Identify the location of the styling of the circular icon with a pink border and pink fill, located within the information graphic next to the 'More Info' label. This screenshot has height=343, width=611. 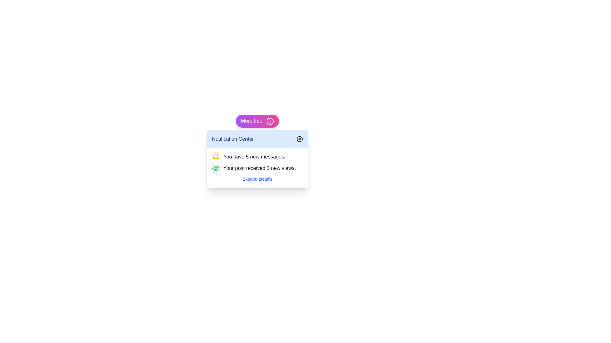
(270, 121).